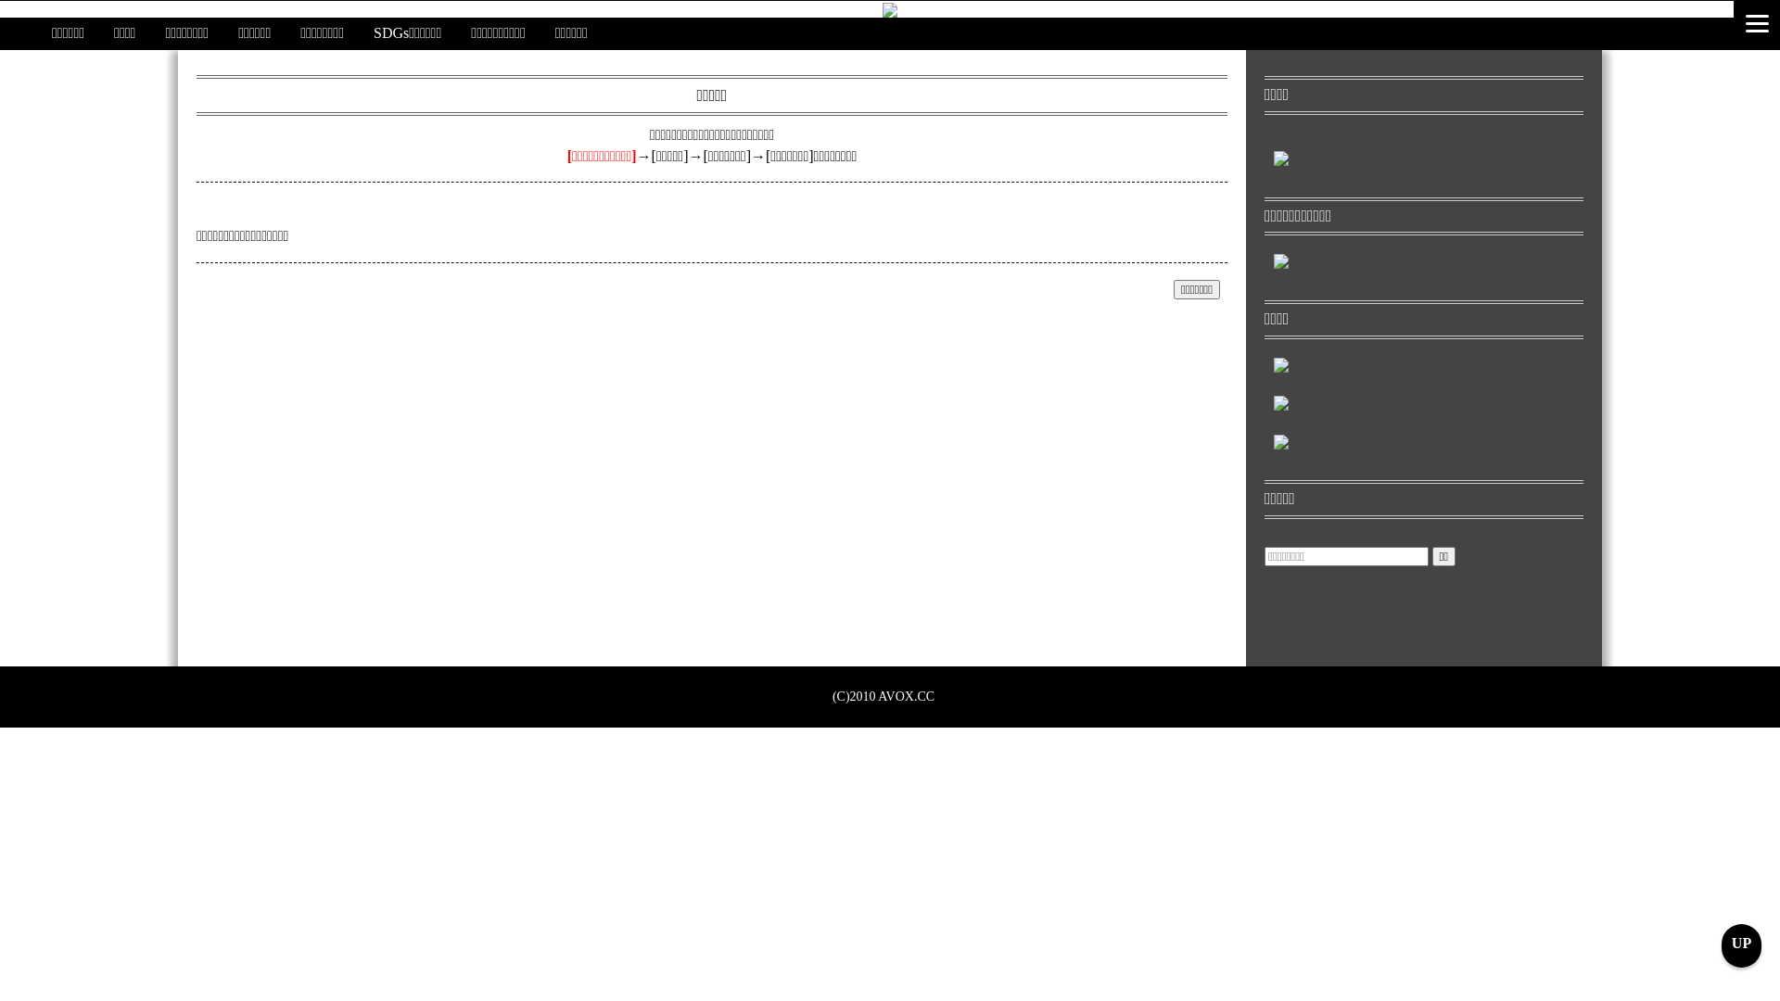 This screenshot has width=1780, height=1001. What do you see at coordinates (1740, 945) in the screenshot?
I see `'UP'` at bounding box center [1740, 945].